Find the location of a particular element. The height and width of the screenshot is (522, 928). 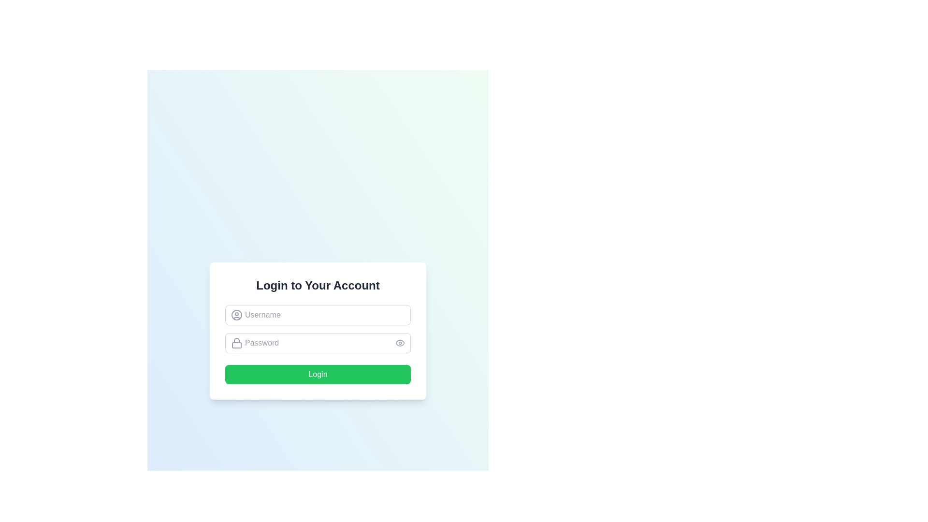

the unlocked state curve of the lock icon, which is the upper middle segment of the SVG lock representation is located at coordinates (236, 340).